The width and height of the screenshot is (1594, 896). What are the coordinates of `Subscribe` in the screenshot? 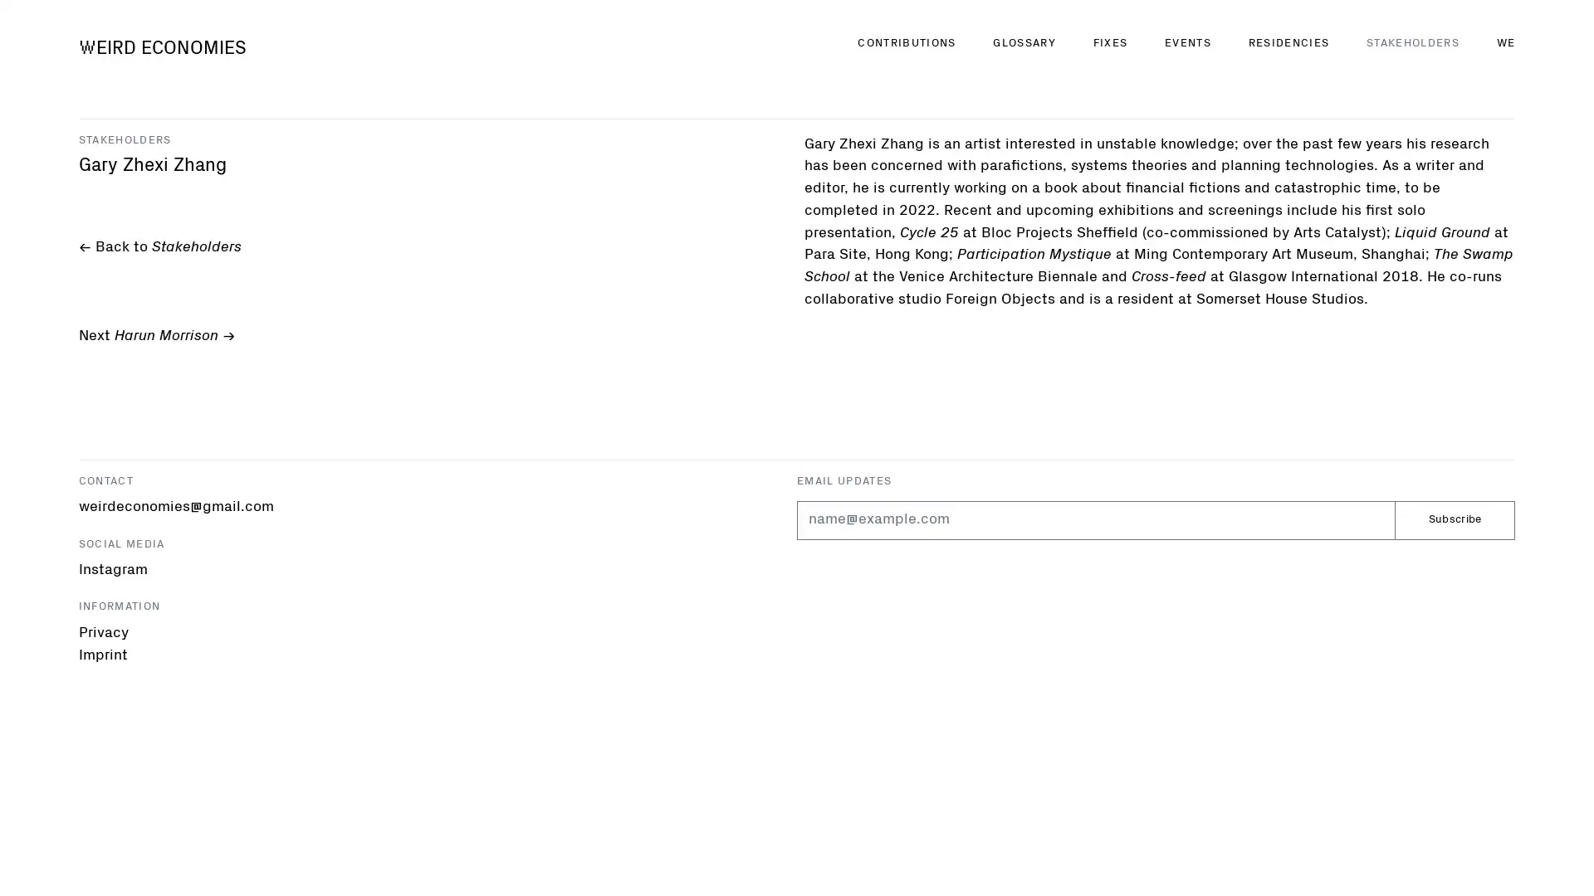 It's located at (1454, 519).